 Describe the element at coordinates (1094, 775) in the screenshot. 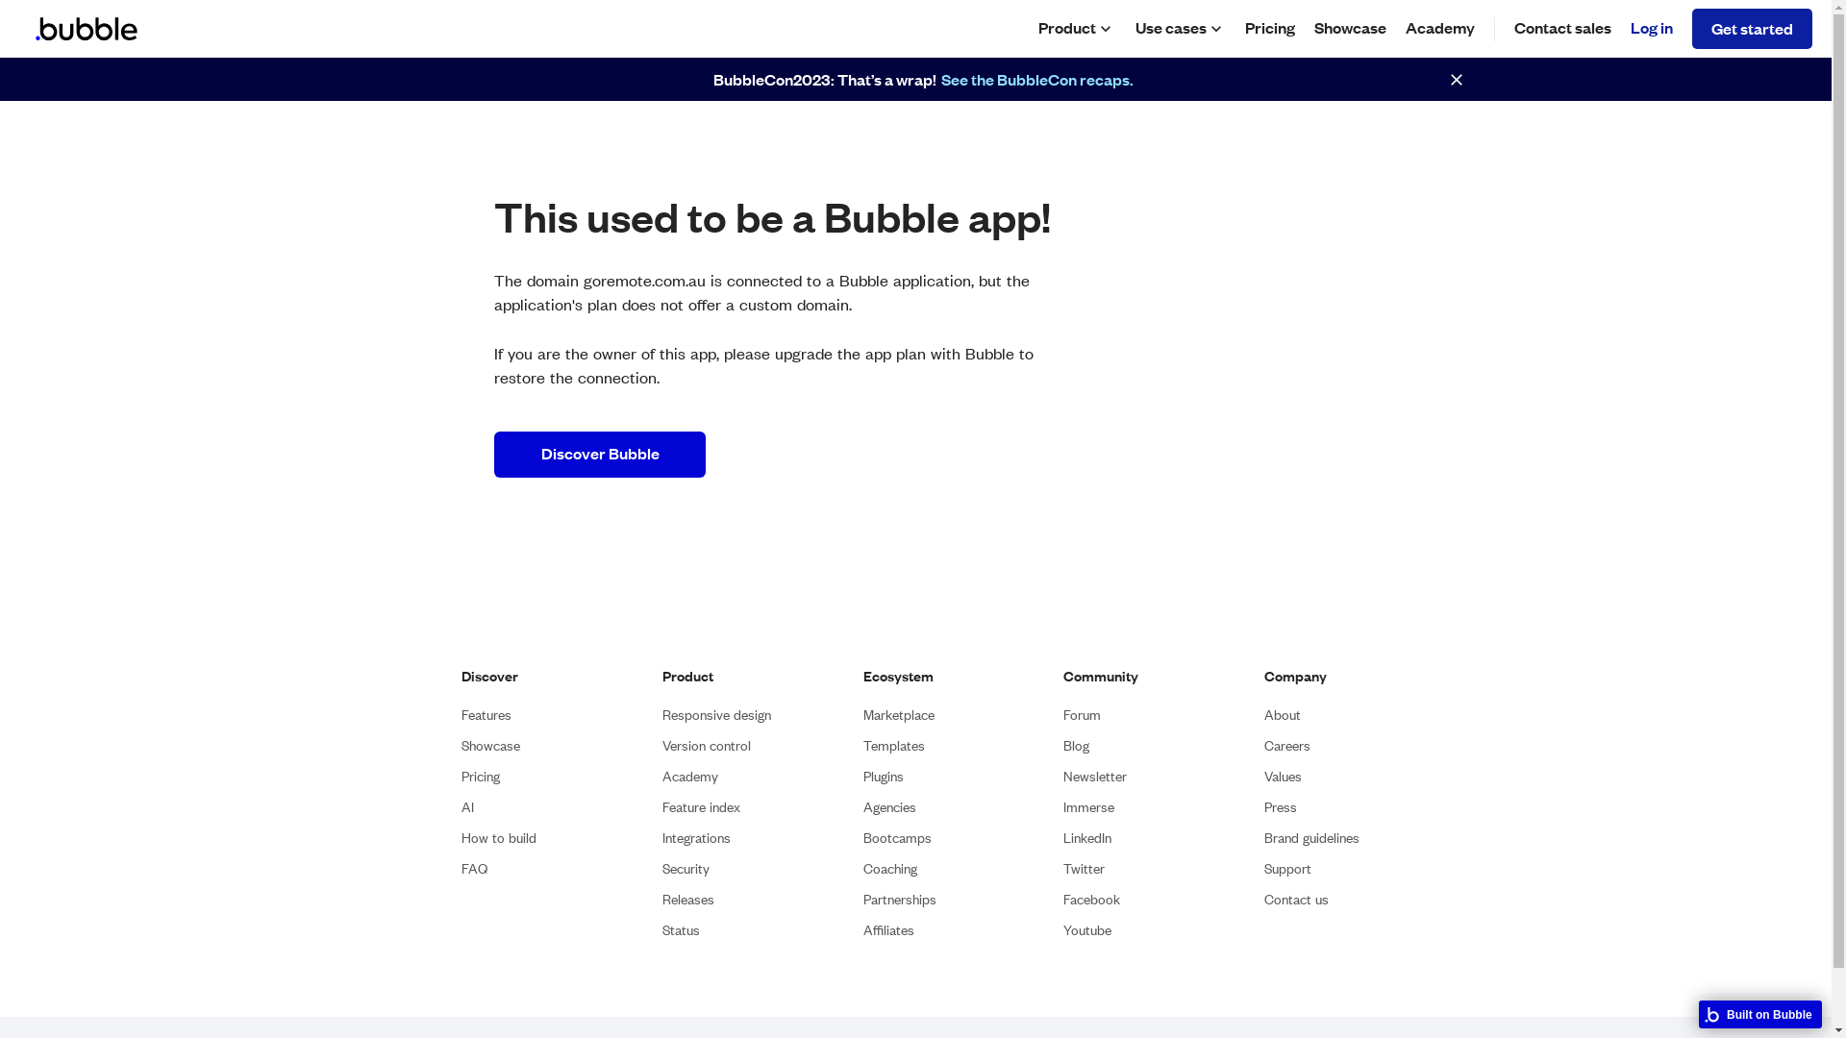

I see `'Newsletter'` at that location.